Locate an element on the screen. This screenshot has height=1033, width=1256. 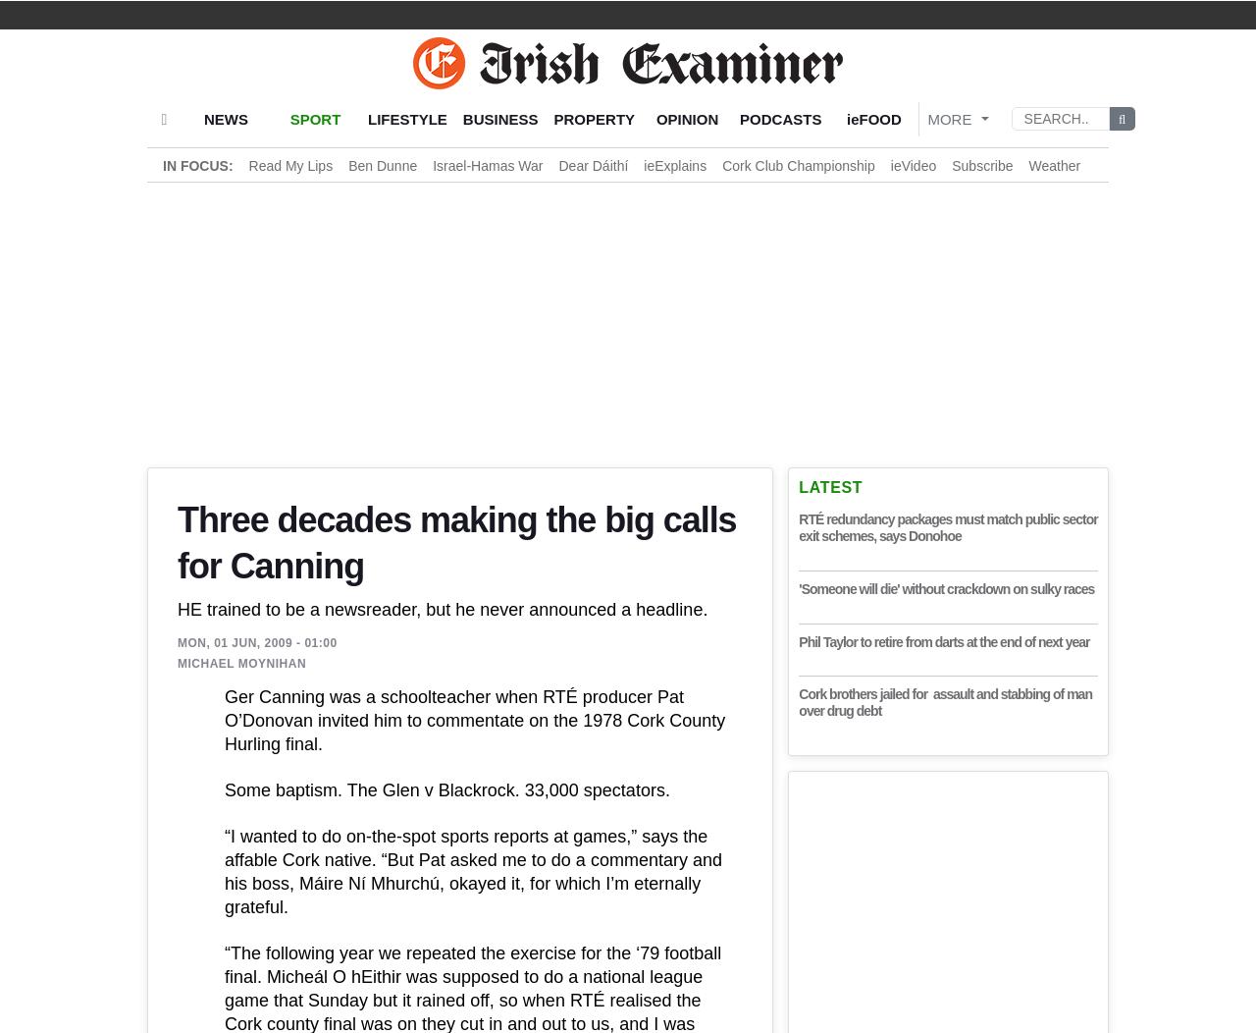
'“In football the Tyrone-Kerry finals recently have been outstanding – played in the right spirit, with a great atmosphere.' is located at coordinates (482, 718).